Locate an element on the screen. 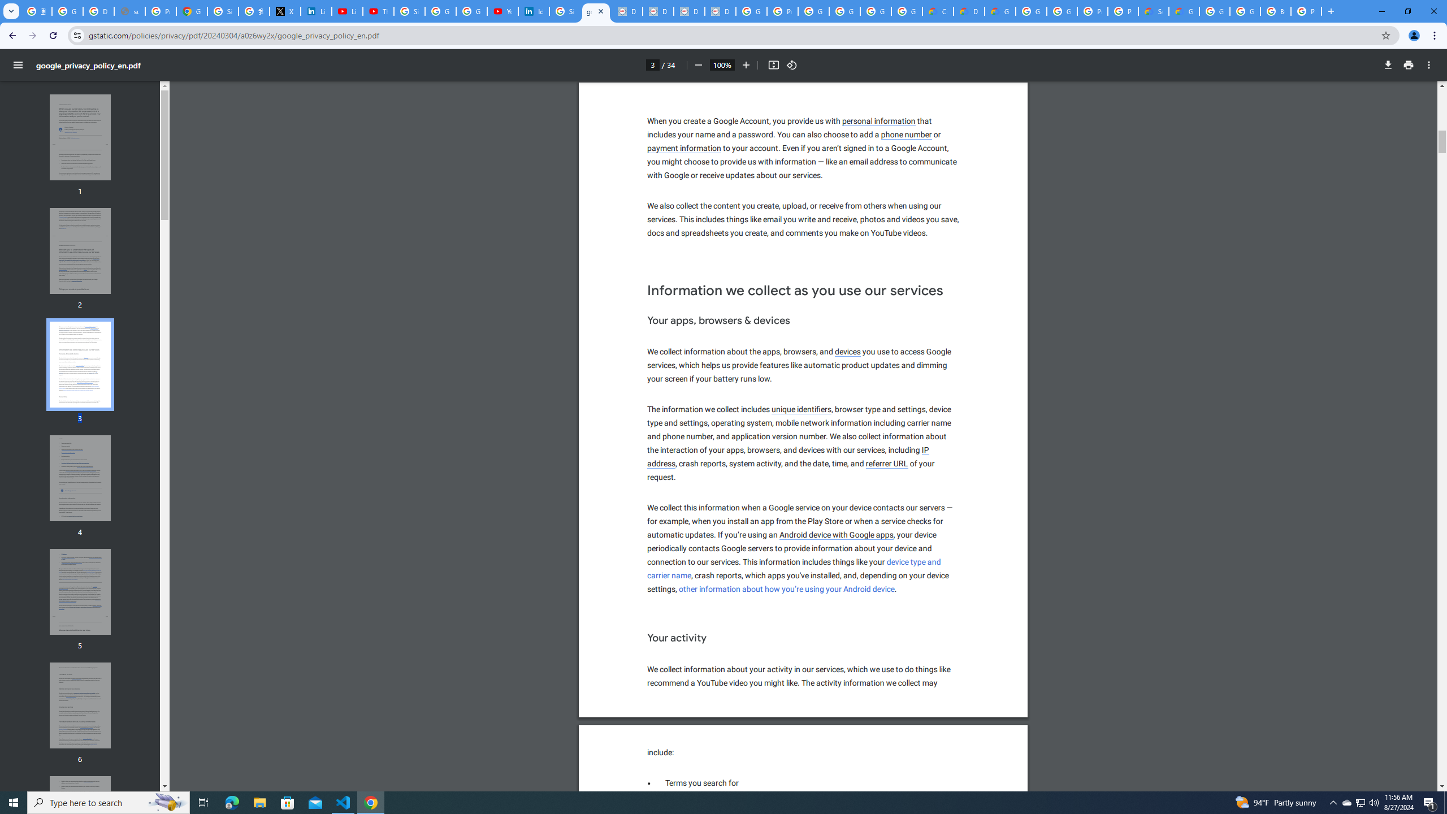 This screenshot has width=1447, height=814. 'Data Privacy Framework' is located at coordinates (688, 11).